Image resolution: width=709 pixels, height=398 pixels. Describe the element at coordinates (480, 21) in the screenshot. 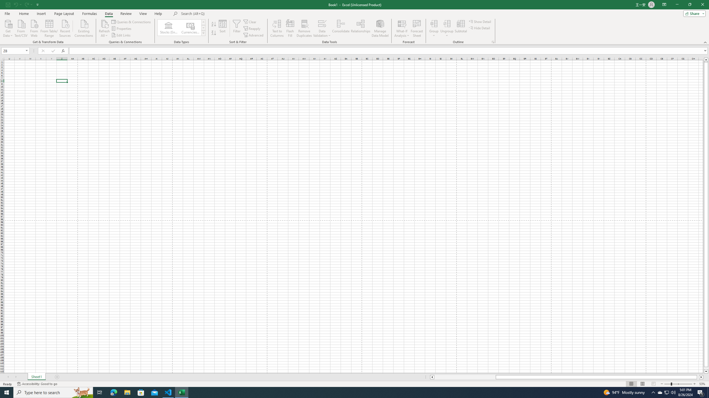

I see `'Show Detail'` at that location.